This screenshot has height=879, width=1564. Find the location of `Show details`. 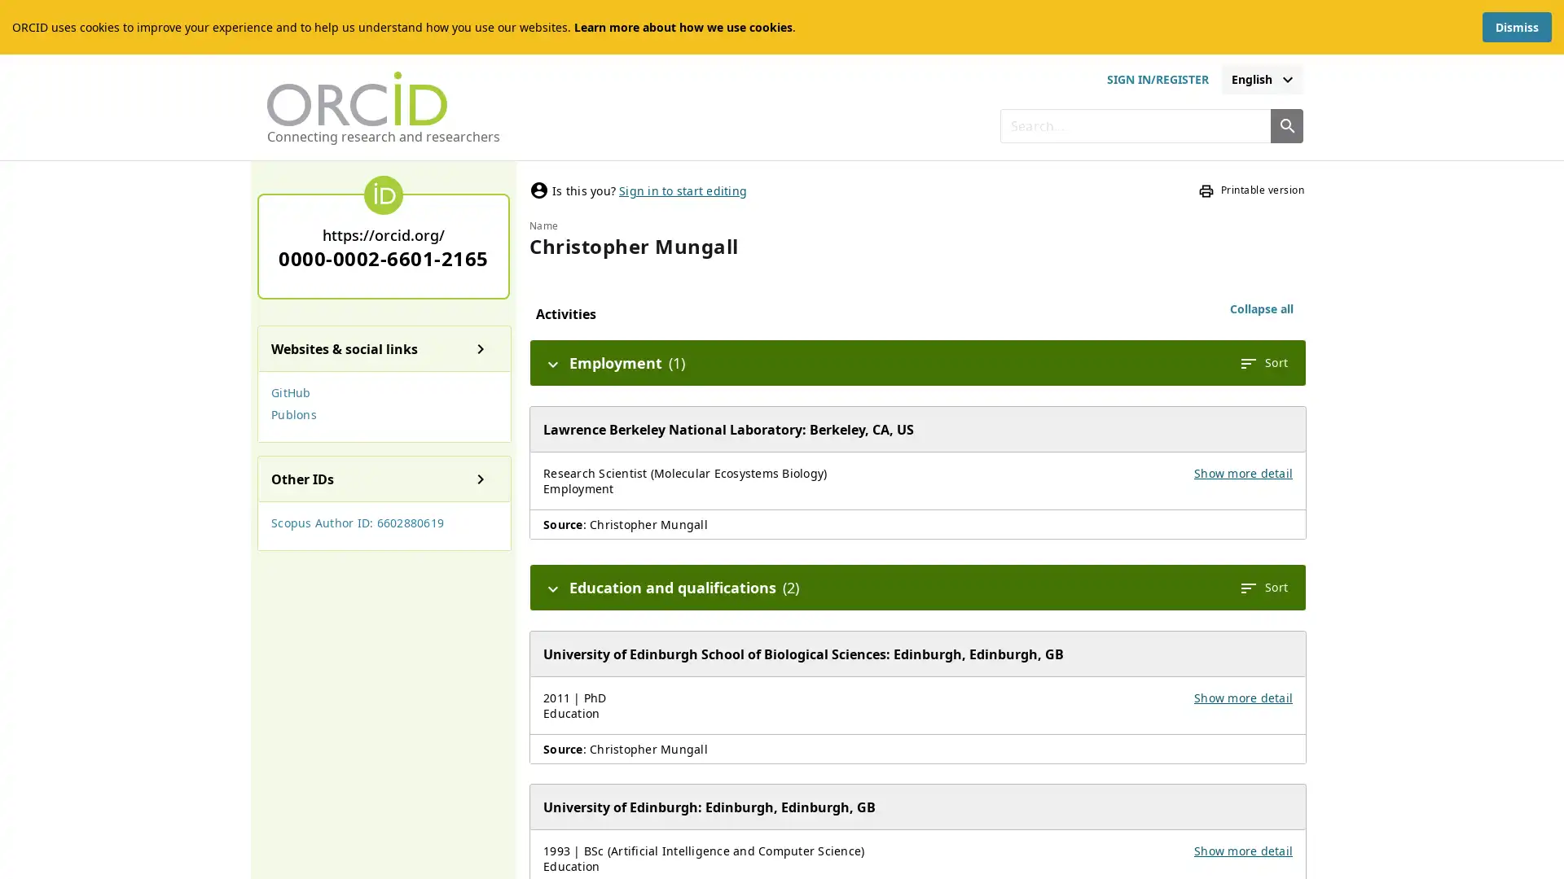

Show details is located at coordinates (480, 348).